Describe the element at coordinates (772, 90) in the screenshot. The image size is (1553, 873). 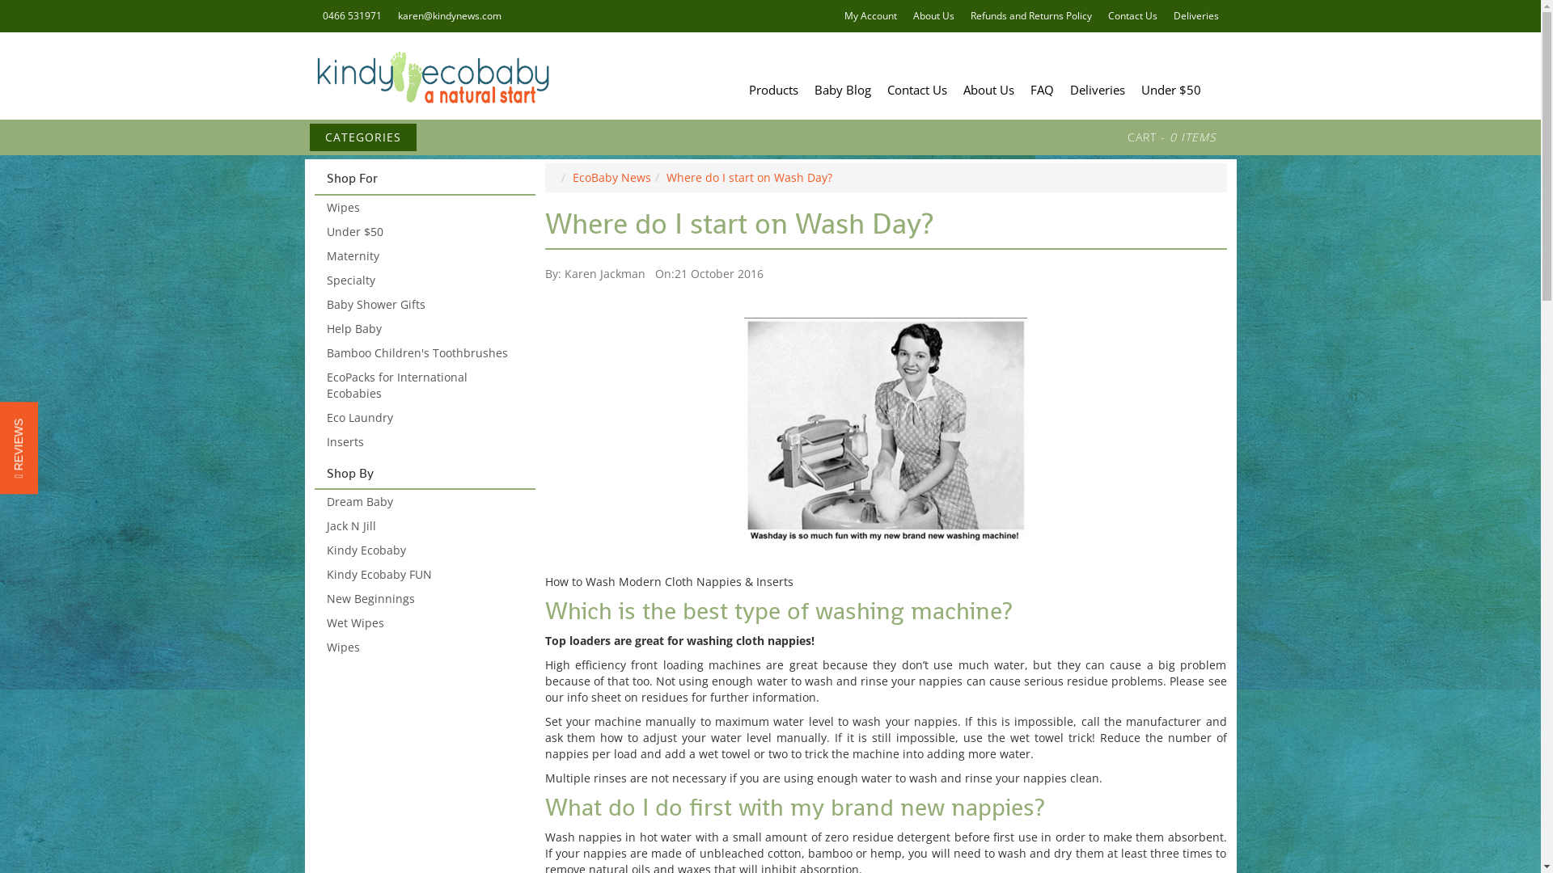
I see `'Products'` at that location.